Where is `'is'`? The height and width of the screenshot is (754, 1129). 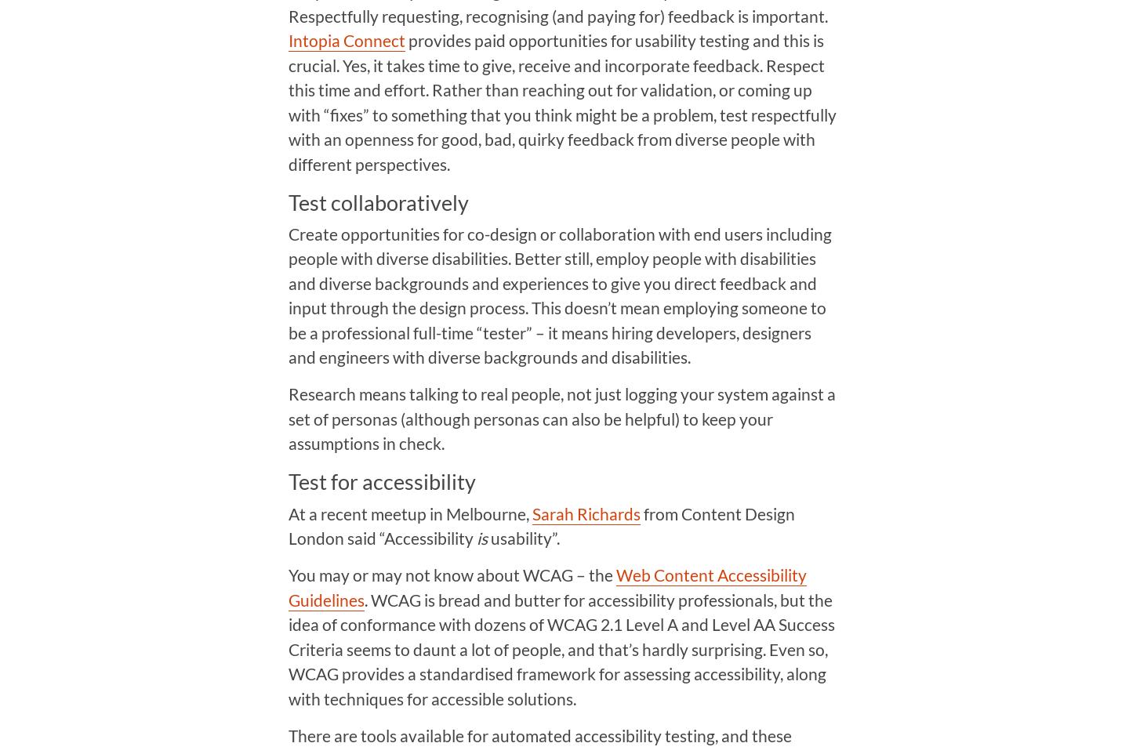
'is' is located at coordinates (474, 537).